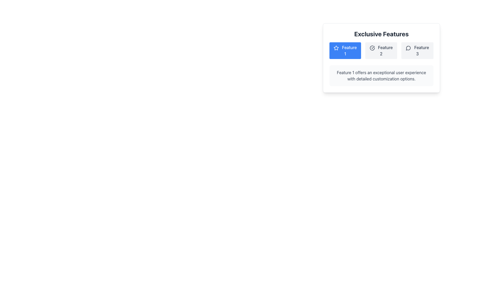  What do you see at coordinates (381, 50) in the screenshot?
I see `the 'Feature 2' button, which is a rectangular button with a light gray background and dark gray text, located in the 'Exclusive Features' section` at bounding box center [381, 50].